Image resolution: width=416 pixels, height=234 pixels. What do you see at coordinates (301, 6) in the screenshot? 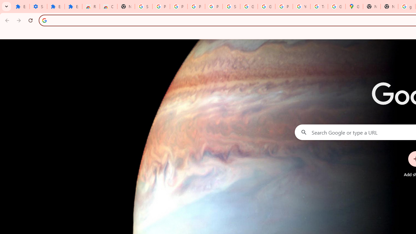
I see `'YouTube'` at bounding box center [301, 6].